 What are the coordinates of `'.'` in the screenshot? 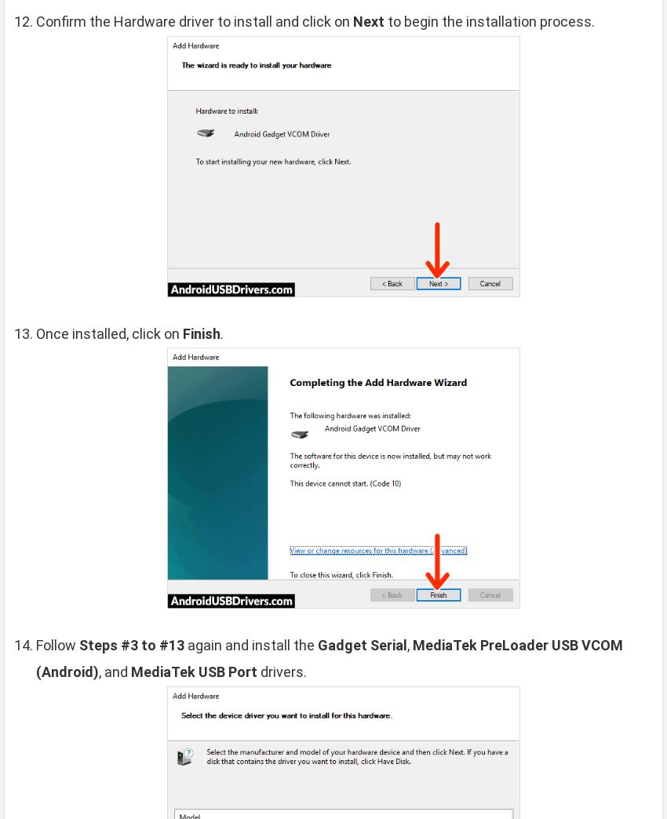 It's located at (221, 332).